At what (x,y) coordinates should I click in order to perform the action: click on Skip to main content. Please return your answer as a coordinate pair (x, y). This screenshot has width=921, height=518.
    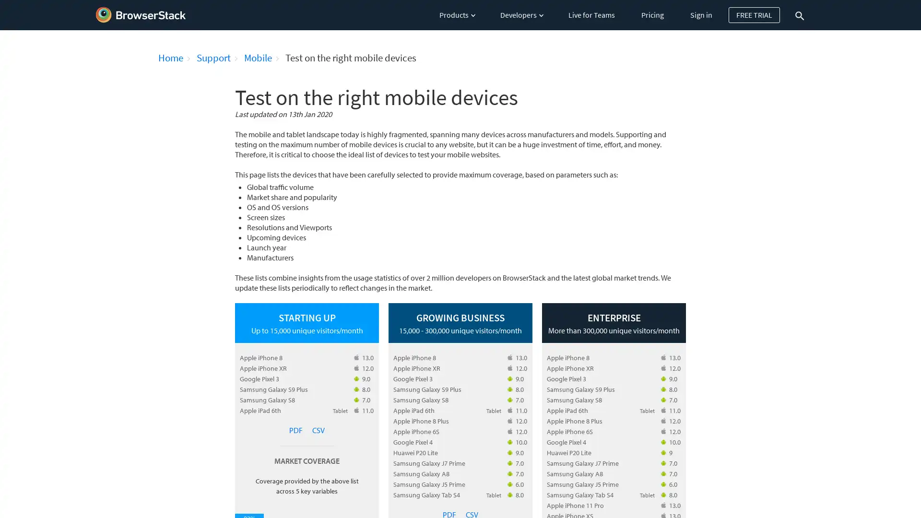
    Looking at the image, I should click on (1, 4).